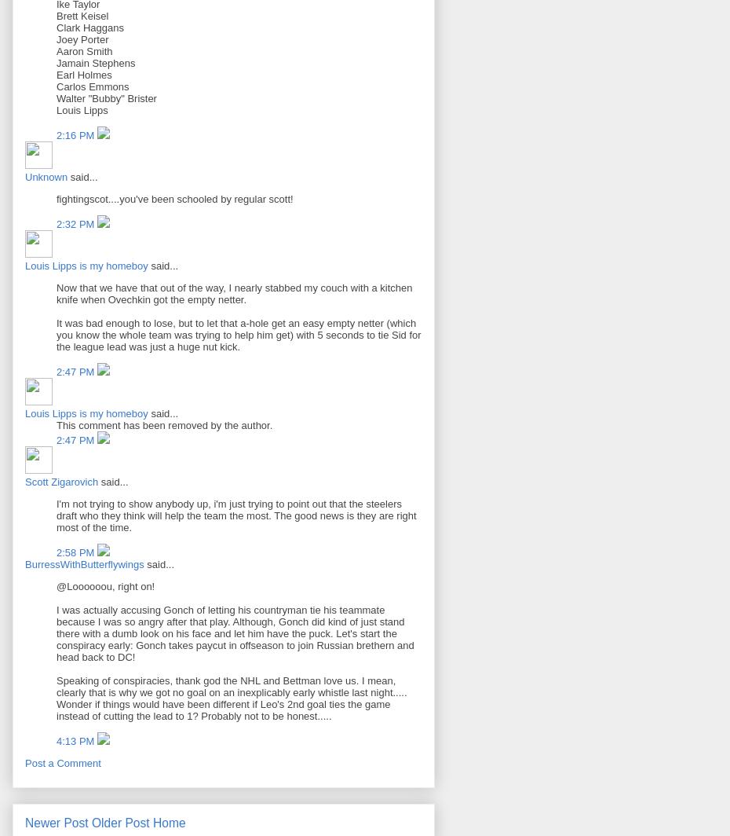 The height and width of the screenshot is (836, 730). Describe the element at coordinates (236, 515) in the screenshot. I see `'I'm not trying to show anybody up, i'm just trying to point out that the steelers draft who they think will help the team the most.  The good news is they are right most of the time.'` at that location.